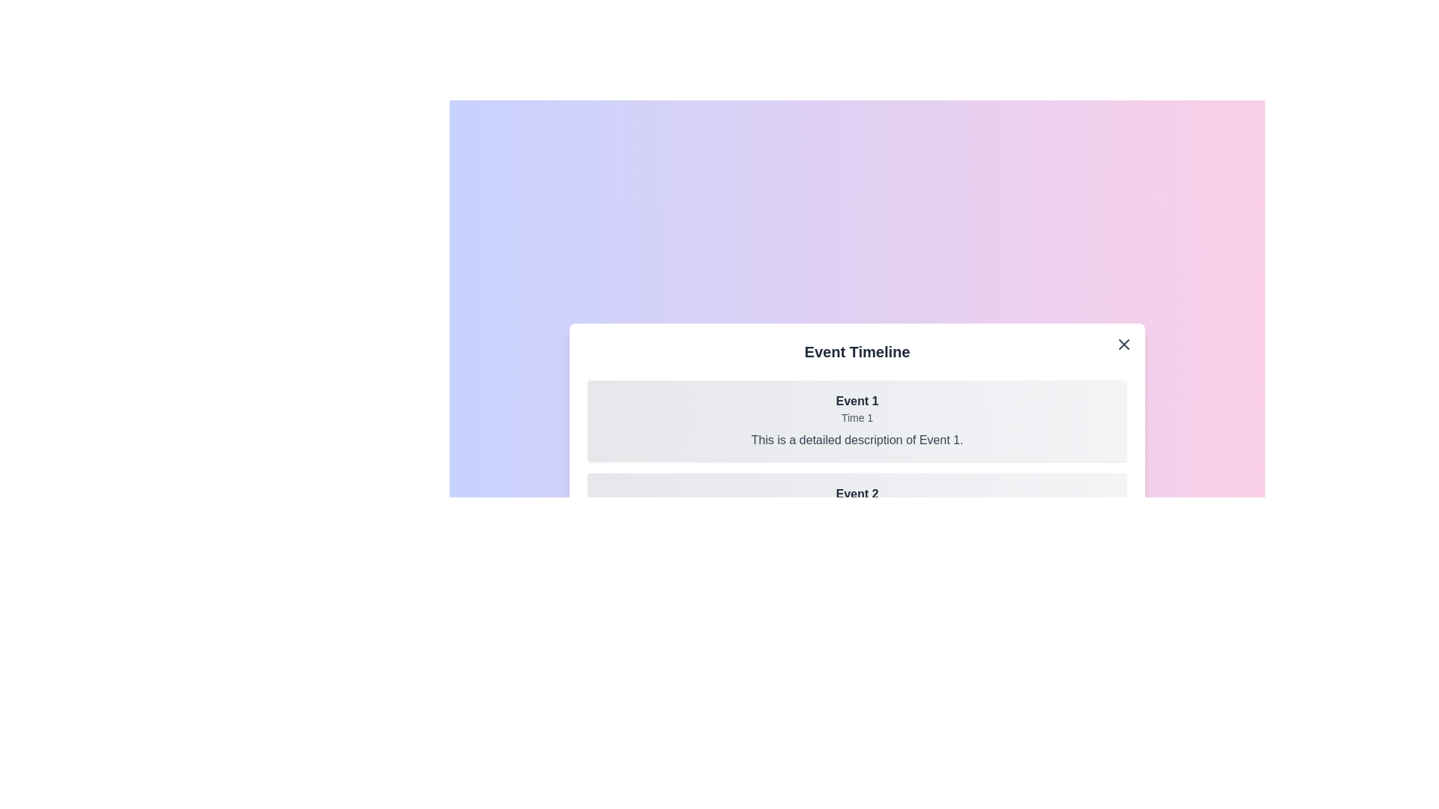  Describe the element at coordinates (1123, 344) in the screenshot. I see `'X' button in the top-right corner of the dialog to close it` at that location.